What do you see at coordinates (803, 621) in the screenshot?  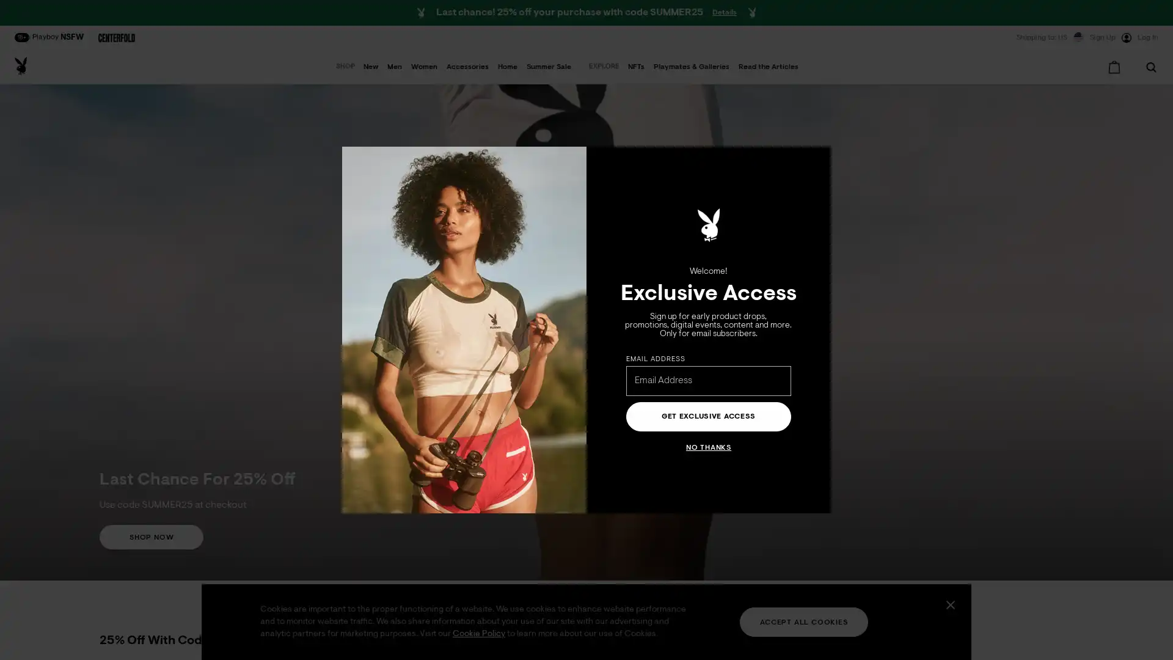 I see `ACCEPT ALL COOKIES` at bounding box center [803, 621].